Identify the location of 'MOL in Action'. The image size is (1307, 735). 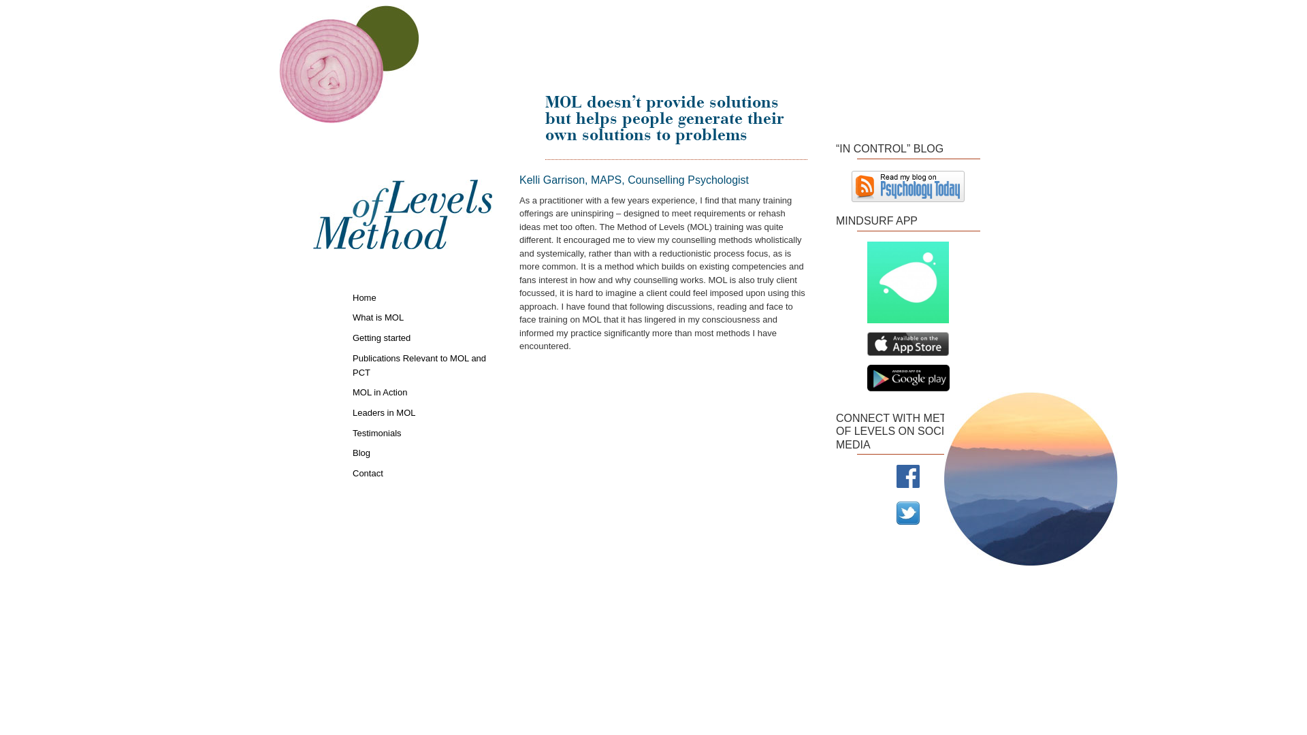
(421, 391).